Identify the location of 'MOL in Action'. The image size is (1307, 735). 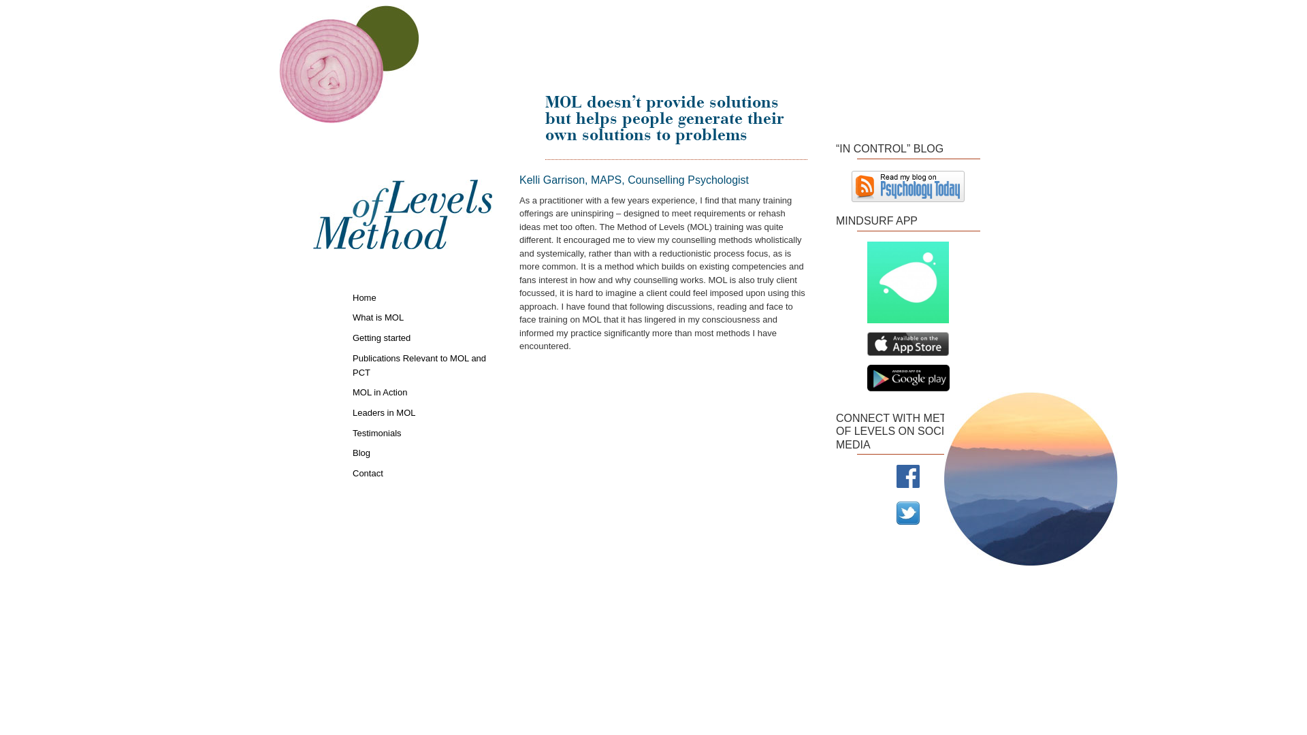
(421, 391).